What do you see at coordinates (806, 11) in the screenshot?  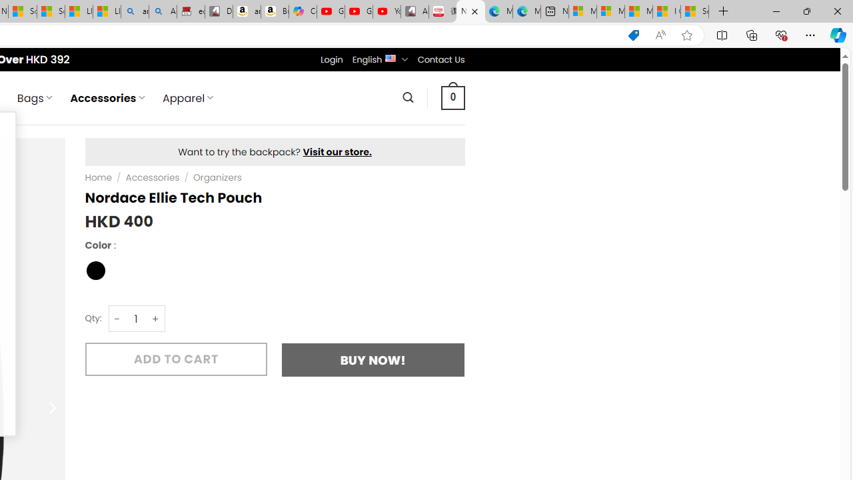 I see `'Restore'` at bounding box center [806, 11].